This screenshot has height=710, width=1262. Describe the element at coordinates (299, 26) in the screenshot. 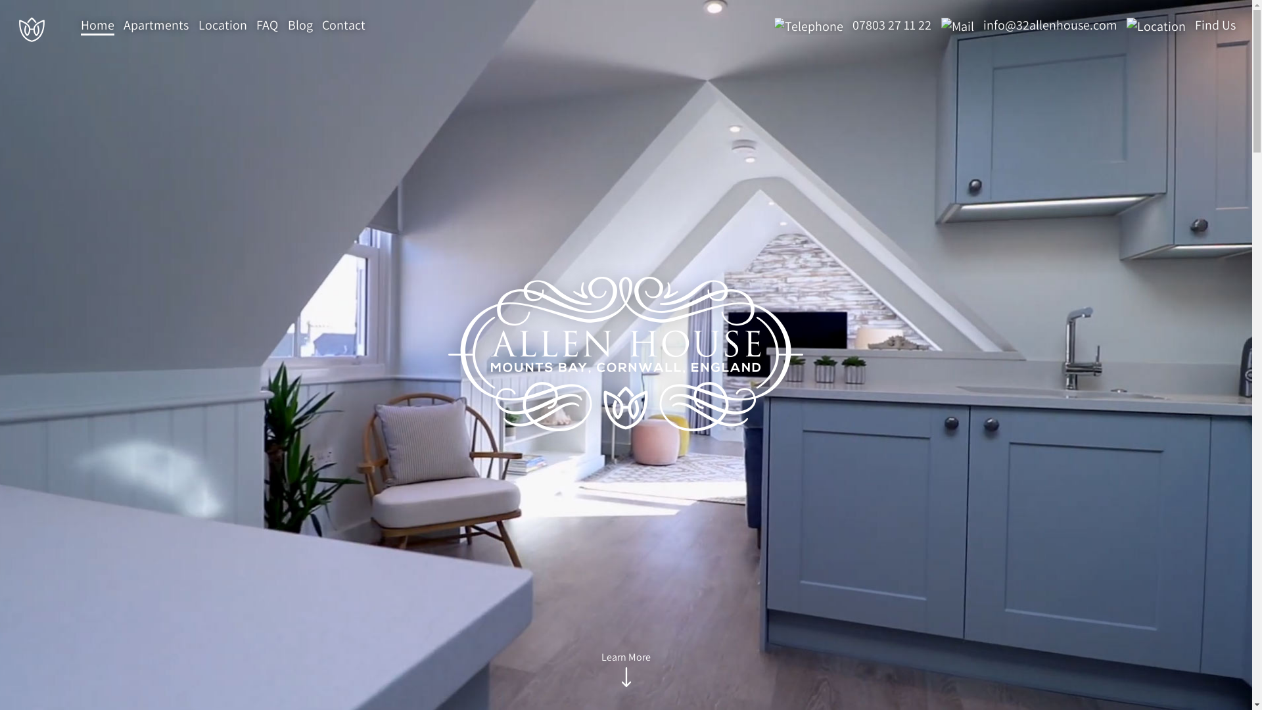

I see `'Blog'` at that location.